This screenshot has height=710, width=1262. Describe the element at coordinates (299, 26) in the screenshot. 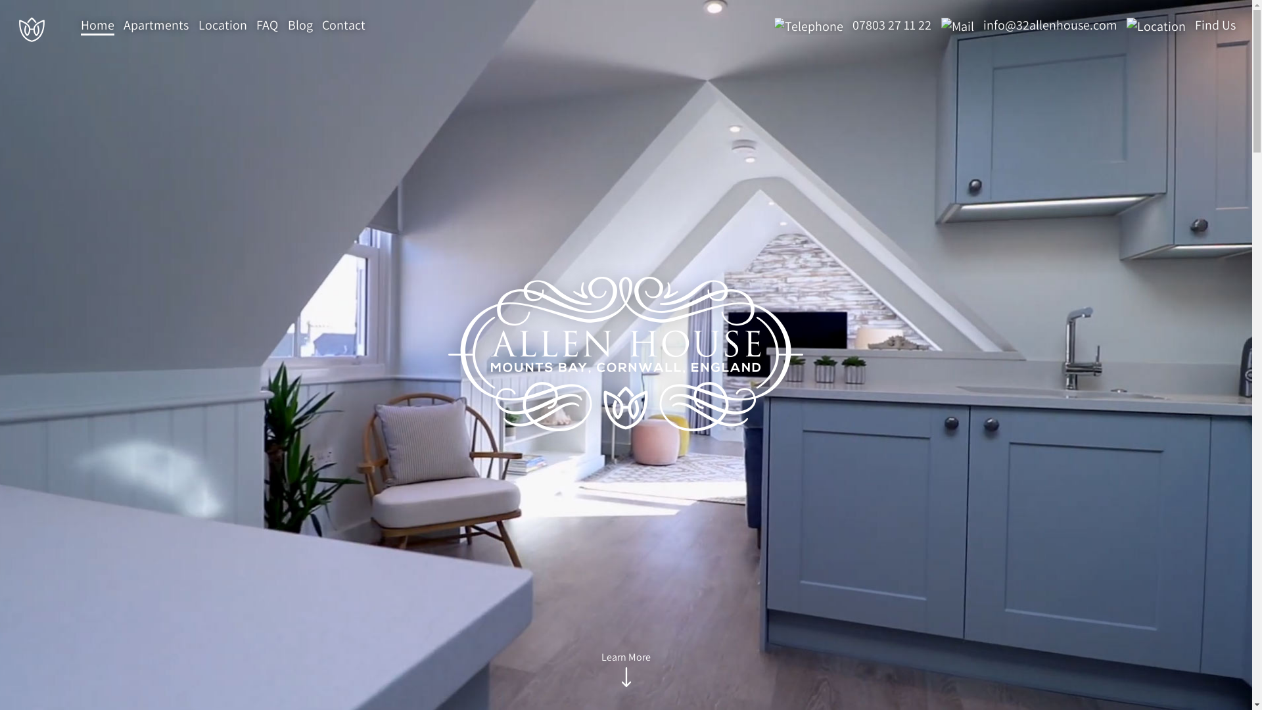

I see `'Blog'` at that location.